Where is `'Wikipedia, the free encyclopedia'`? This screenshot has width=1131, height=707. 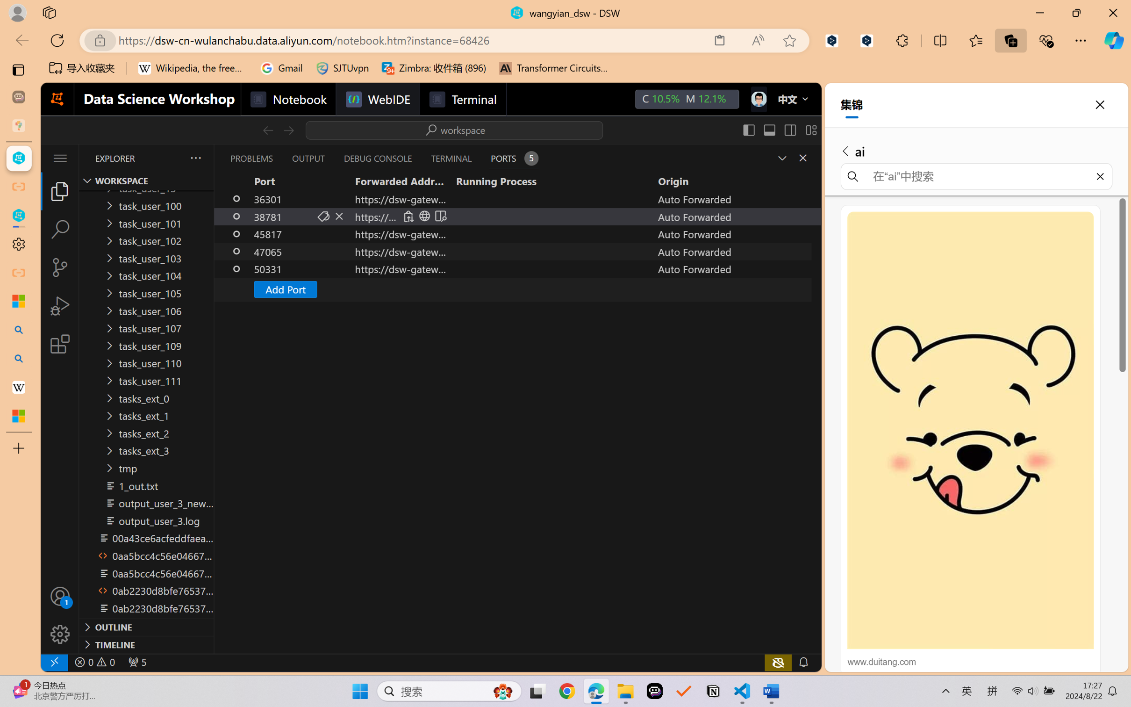 'Wikipedia, the free encyclopedia' is located at coordinates (192, 68).